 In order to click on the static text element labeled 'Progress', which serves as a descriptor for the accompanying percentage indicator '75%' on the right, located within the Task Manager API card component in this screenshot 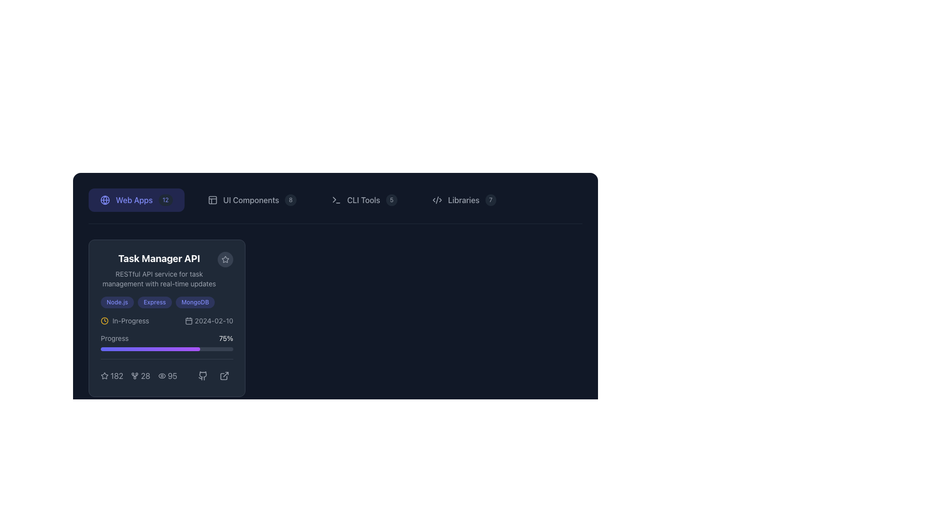, I will do `click(114, 338)`.